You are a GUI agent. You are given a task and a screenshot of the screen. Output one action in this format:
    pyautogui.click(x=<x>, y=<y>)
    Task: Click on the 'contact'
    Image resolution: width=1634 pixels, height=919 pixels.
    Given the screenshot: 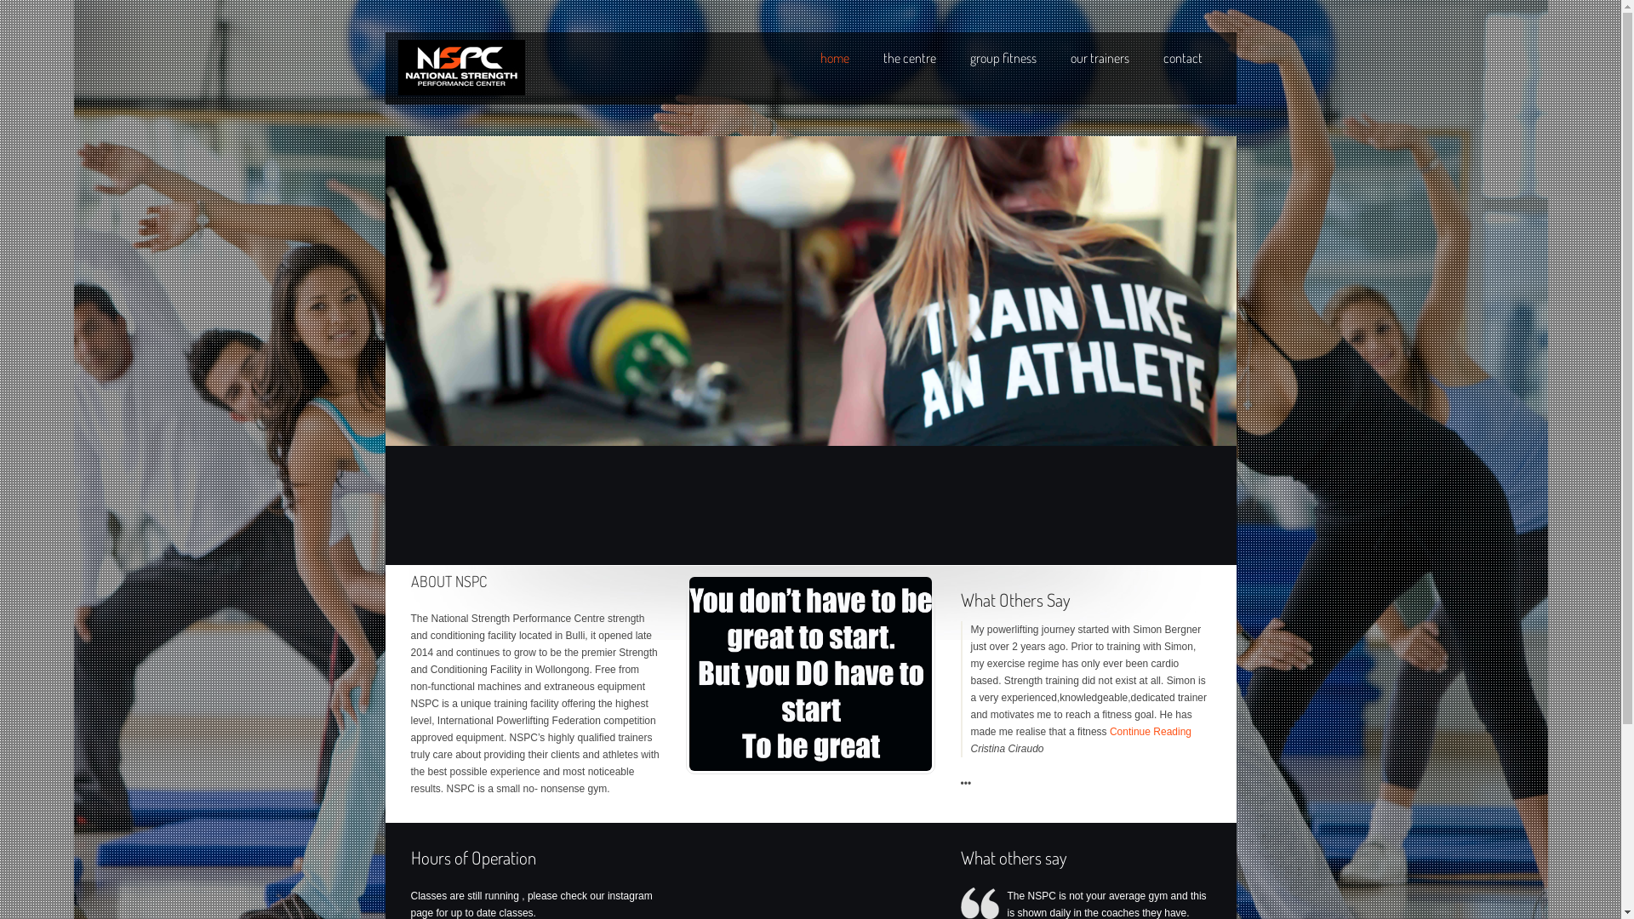 What is the action you would take?
    pyautogui.click(x=1180, y=57)
    